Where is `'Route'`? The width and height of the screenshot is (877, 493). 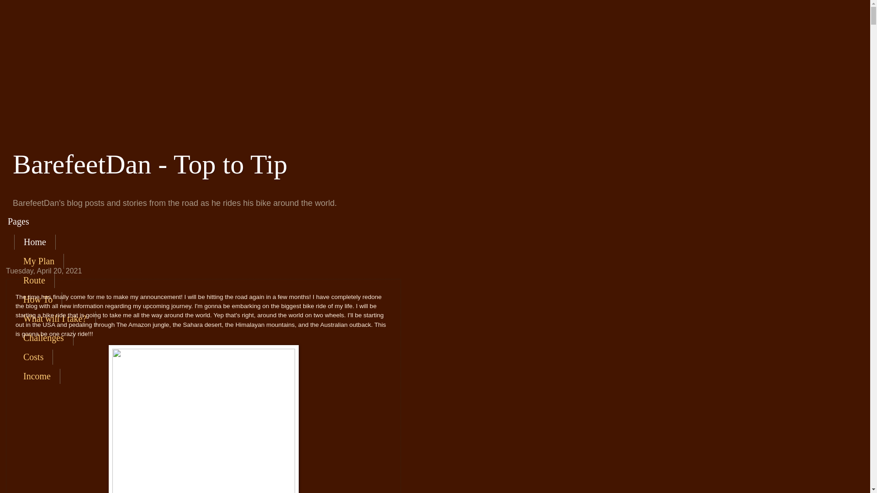 'Route' is located at coordinates (34, 280).